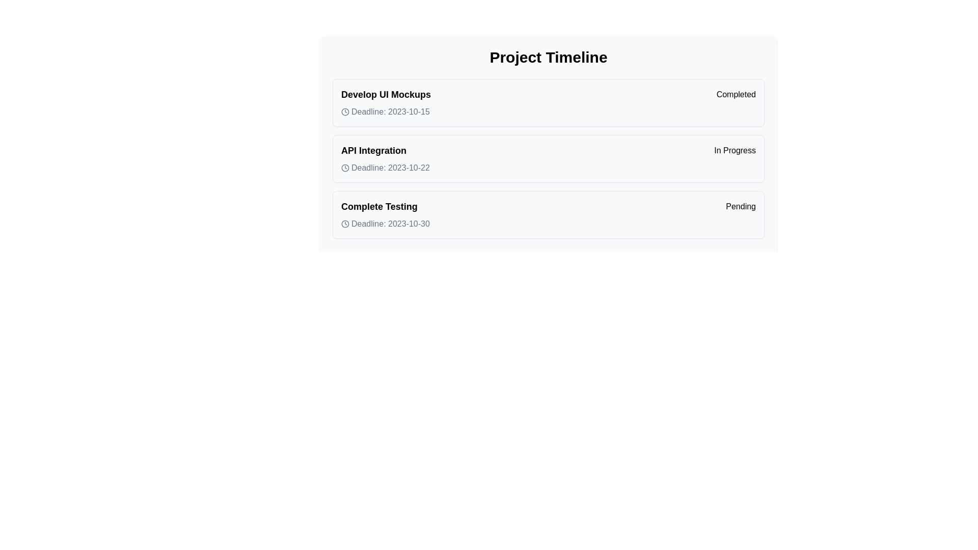 The width and height of the screenshot is (978, 550). Describe the element at coordinates (548, 151) in the screenshot. I see `the 'API Integration' informational pair which features a bold title and an 'In Progress' badge, located in the second card of project tasks` at that location.